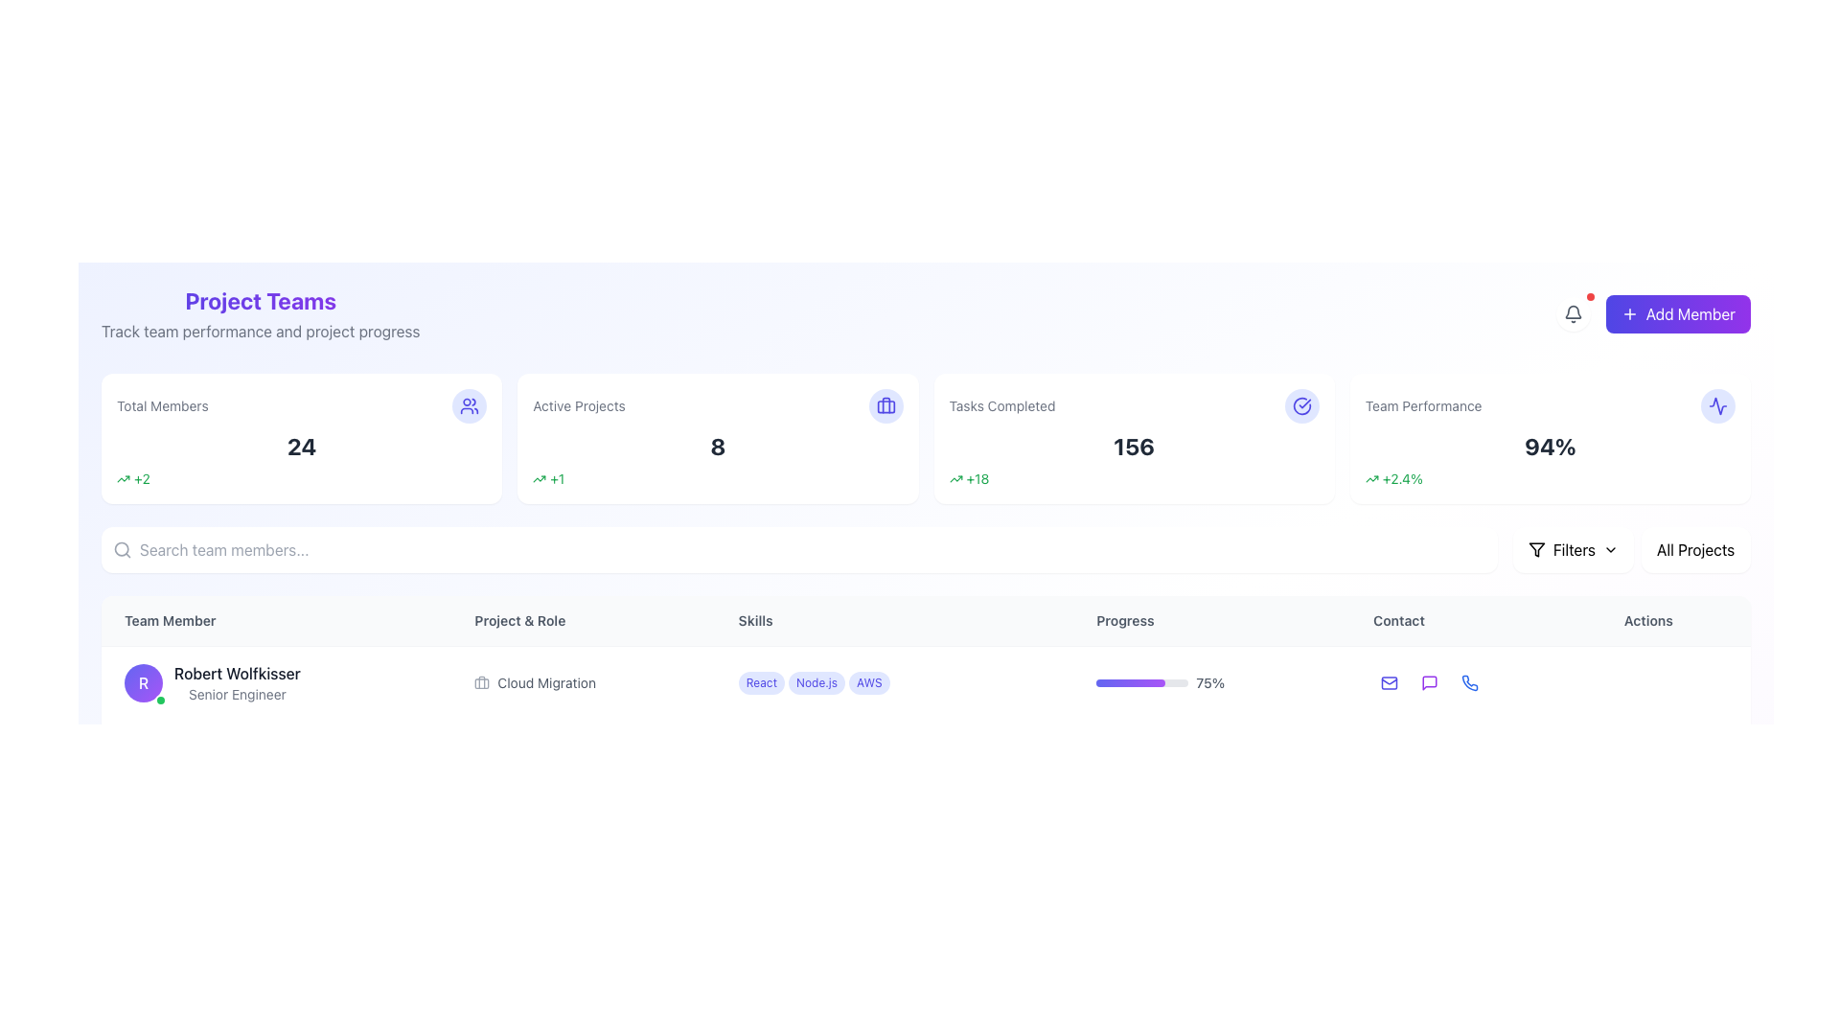  Describe the element at coordinates (301, 439) in the screenshot. I see `the Informational card that displays 'Total Members' with the number '24' and a green arrow indicating an increase, located at the top-left of the grid layout` at that location.